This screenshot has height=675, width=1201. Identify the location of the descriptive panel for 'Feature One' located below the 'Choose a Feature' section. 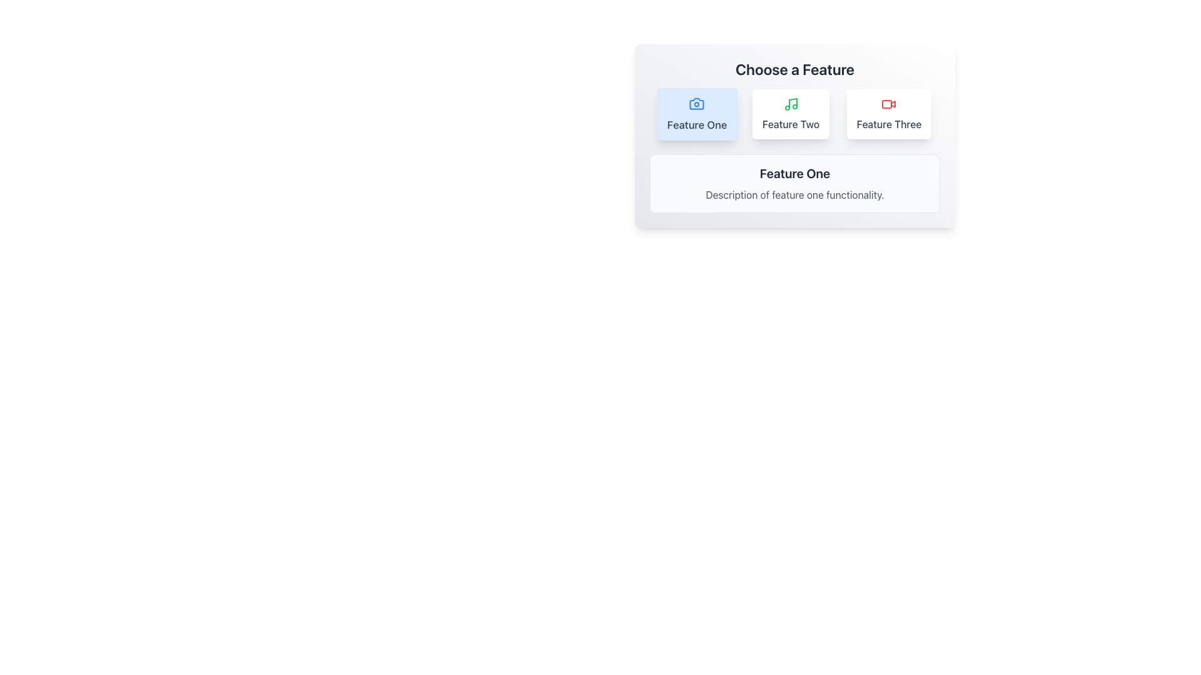
(794, 183).